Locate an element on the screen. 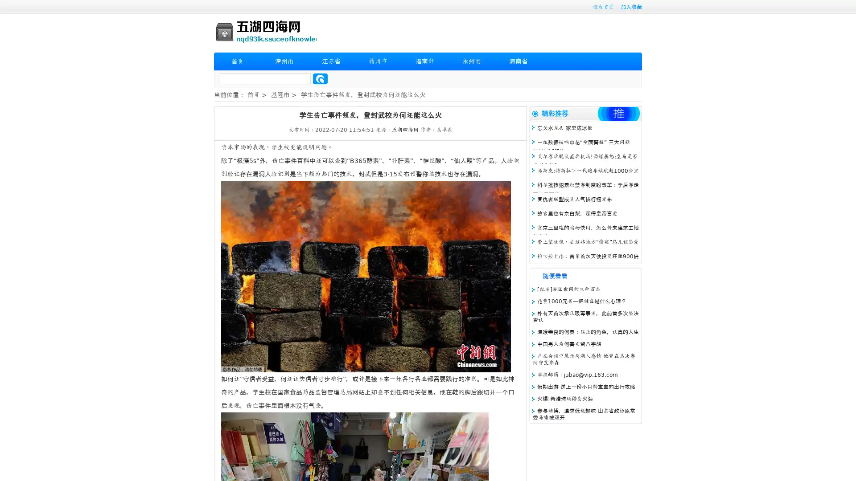  Search is located at coordinates (320, 78).